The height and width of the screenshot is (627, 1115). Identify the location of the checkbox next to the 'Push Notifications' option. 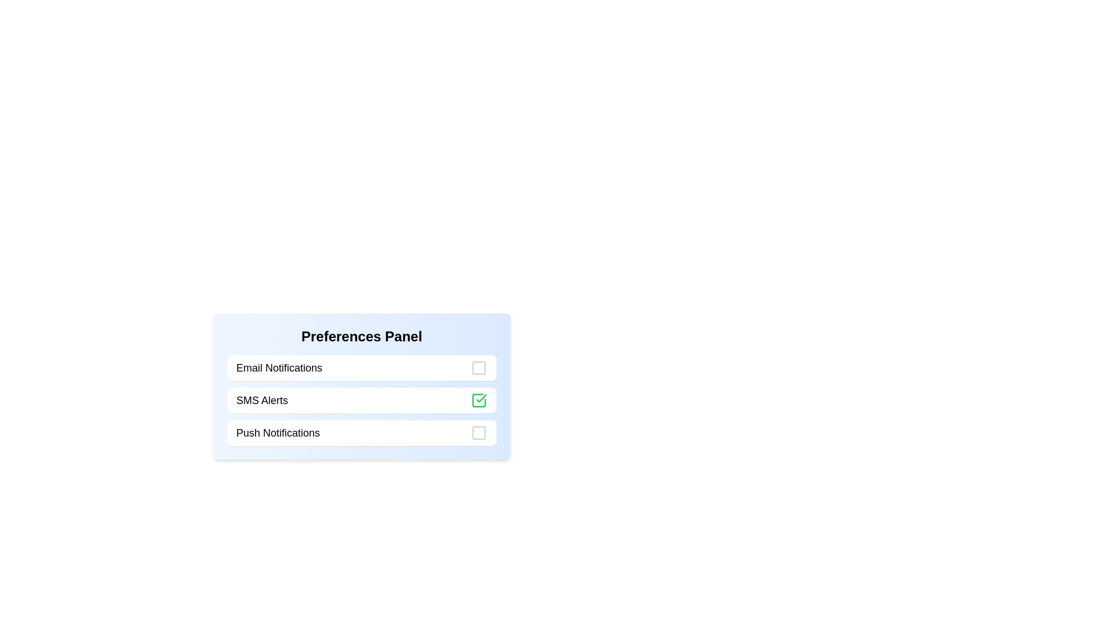
(361, 433).